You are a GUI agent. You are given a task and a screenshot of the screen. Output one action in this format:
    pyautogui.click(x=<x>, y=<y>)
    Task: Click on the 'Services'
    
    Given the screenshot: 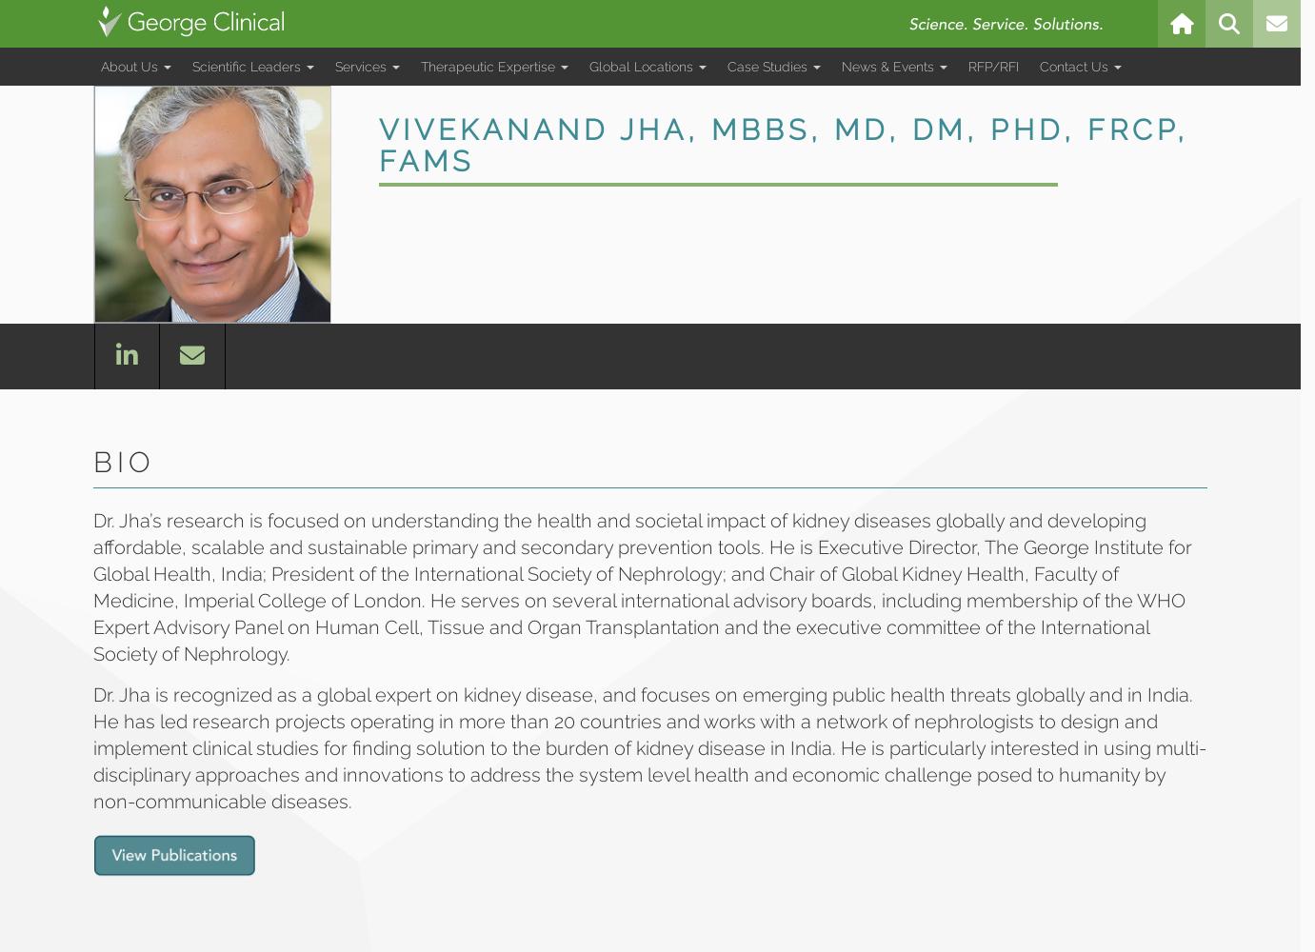 What is the action you would take?
    pyautogui.click(x=362, y=66)
    